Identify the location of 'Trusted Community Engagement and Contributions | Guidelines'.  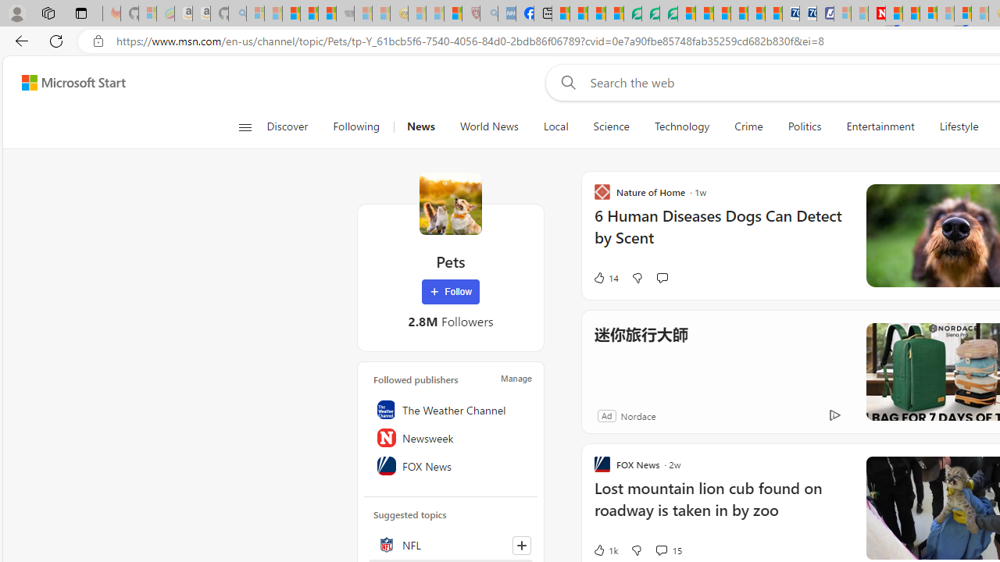
(894, 13).